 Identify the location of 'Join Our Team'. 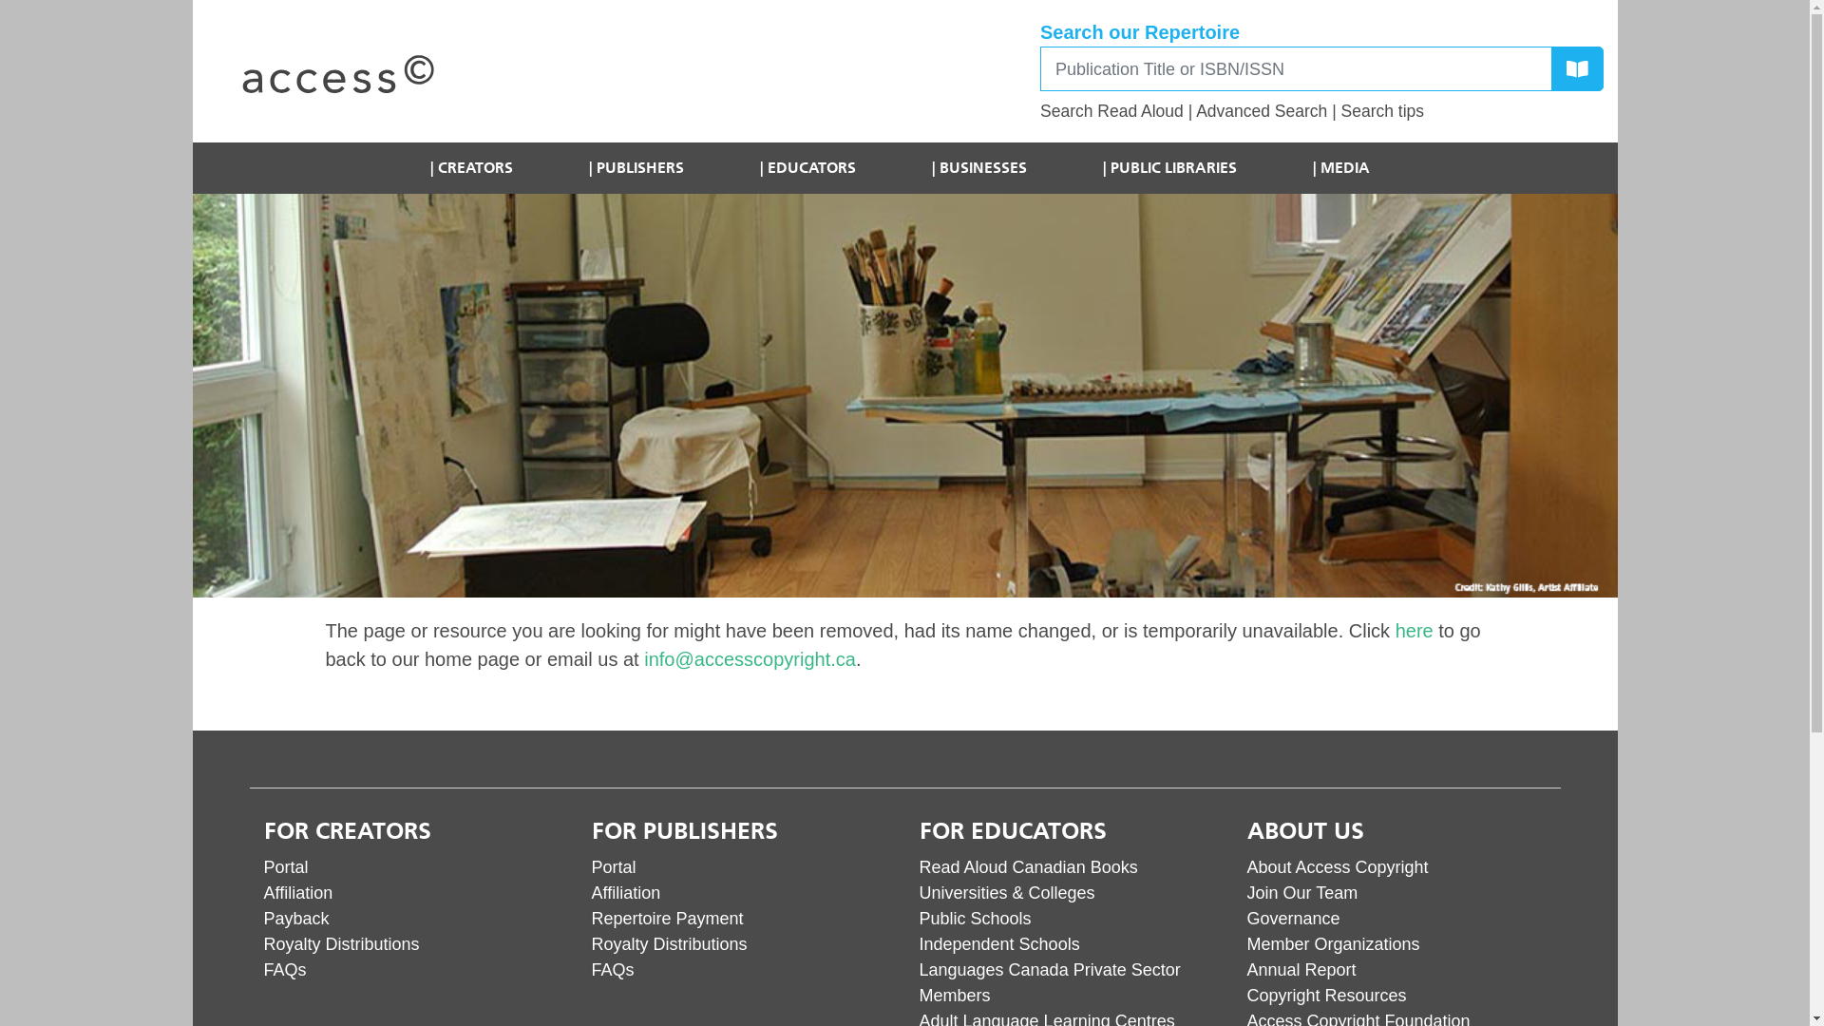
(1301, 893).